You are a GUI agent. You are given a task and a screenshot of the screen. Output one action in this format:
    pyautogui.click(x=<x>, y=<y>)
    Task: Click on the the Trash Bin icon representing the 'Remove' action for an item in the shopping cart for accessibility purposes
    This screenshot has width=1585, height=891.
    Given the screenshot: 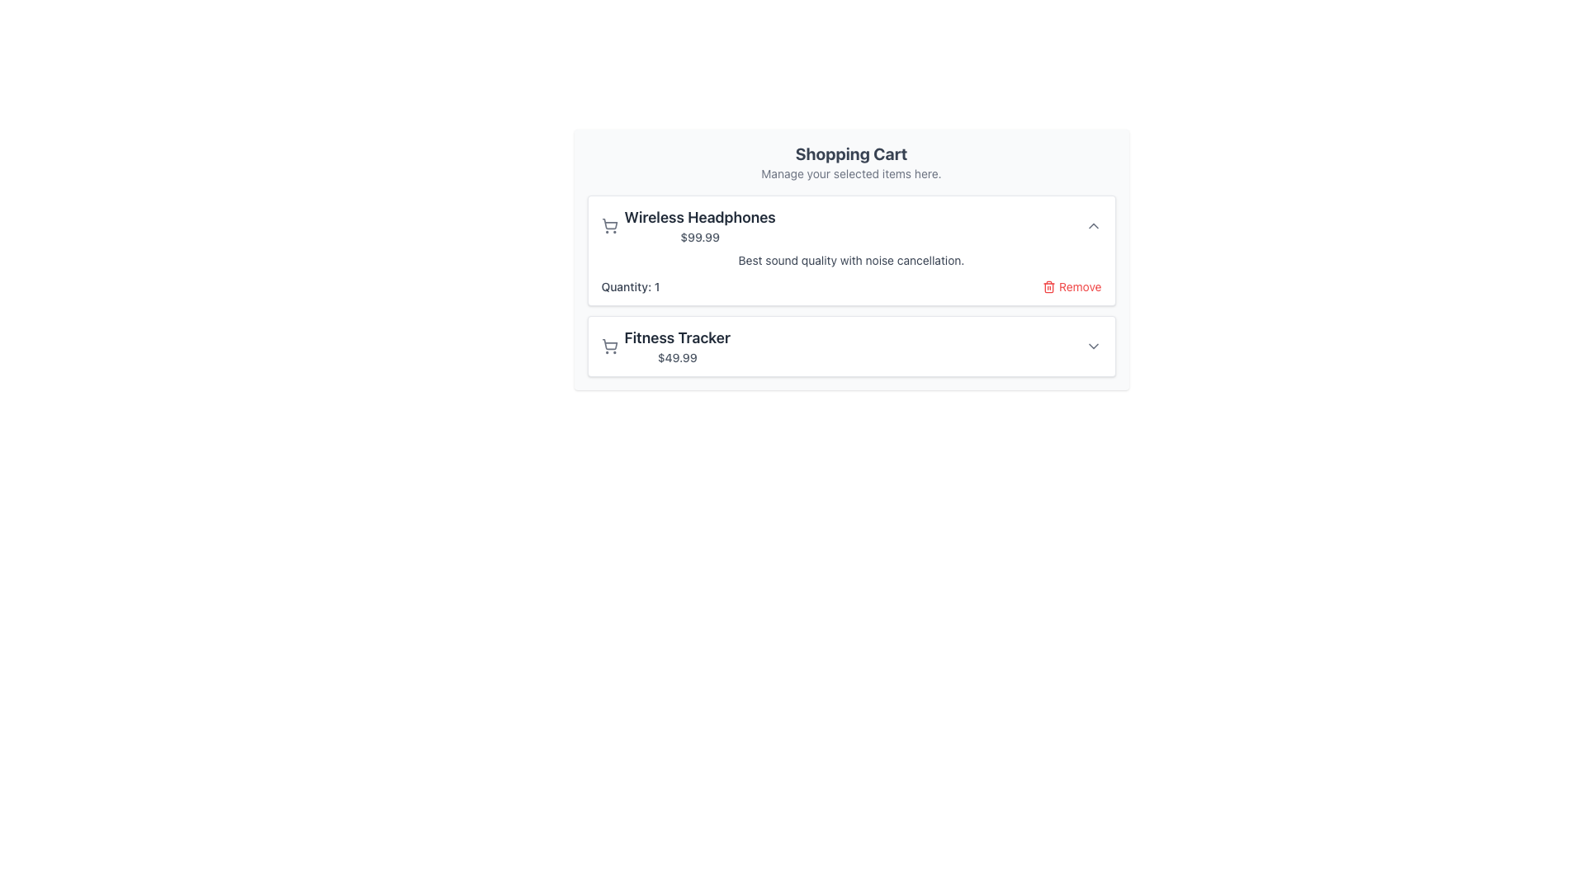 What is the action you would take?
    pyautogui.click(x=1048, y=285)
    